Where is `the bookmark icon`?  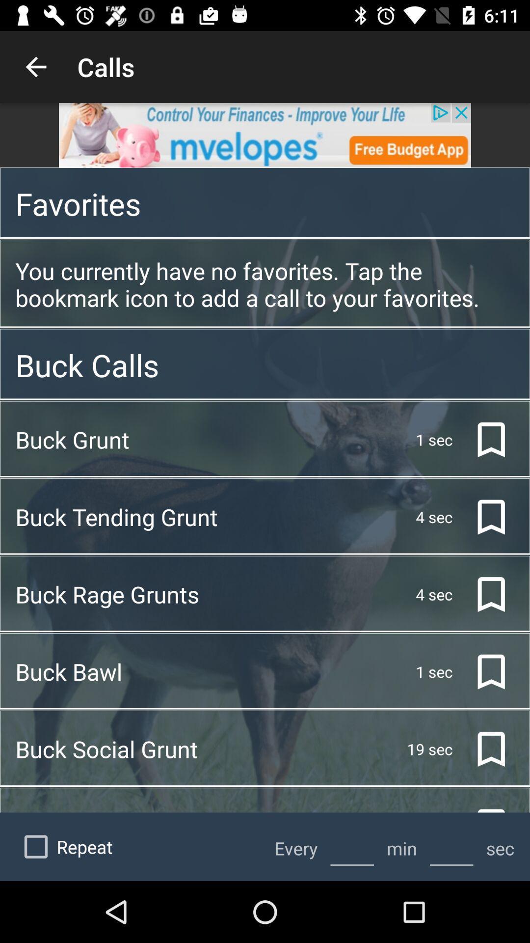 the bookmark icon is located at coordinates (483, 439).